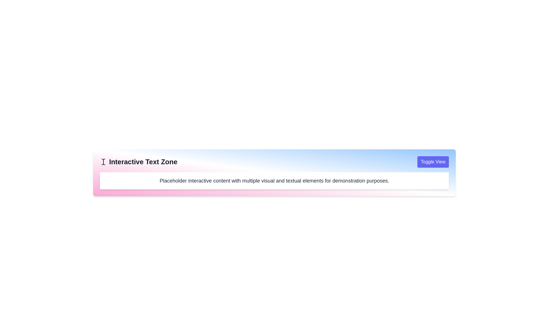 The width and height of the screenshot is (550, 309). What do you see at coordinates (139, 162) in the screenshot?
I see `the Text Label that describes the functionality of the surrounding interface, located to the left of the 'Toggle View' button in the central content area` at bounding box center [139, 162].